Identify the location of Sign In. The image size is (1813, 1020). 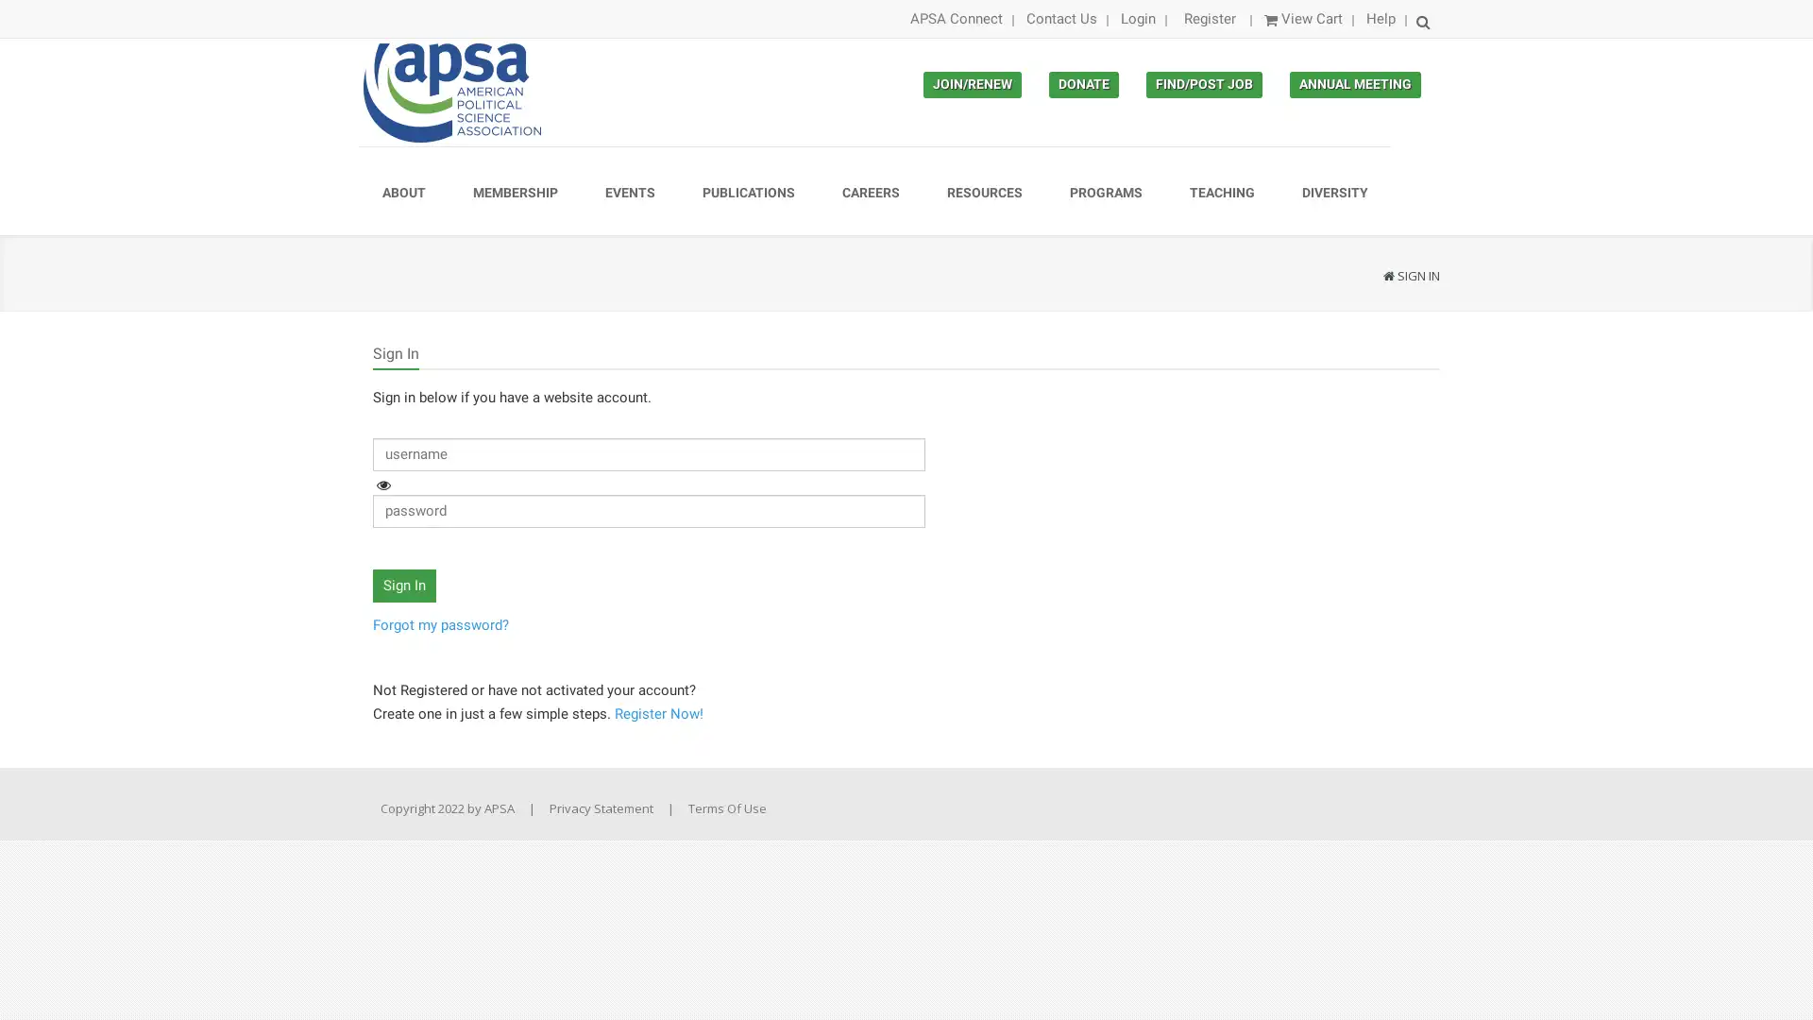
(403, 585).